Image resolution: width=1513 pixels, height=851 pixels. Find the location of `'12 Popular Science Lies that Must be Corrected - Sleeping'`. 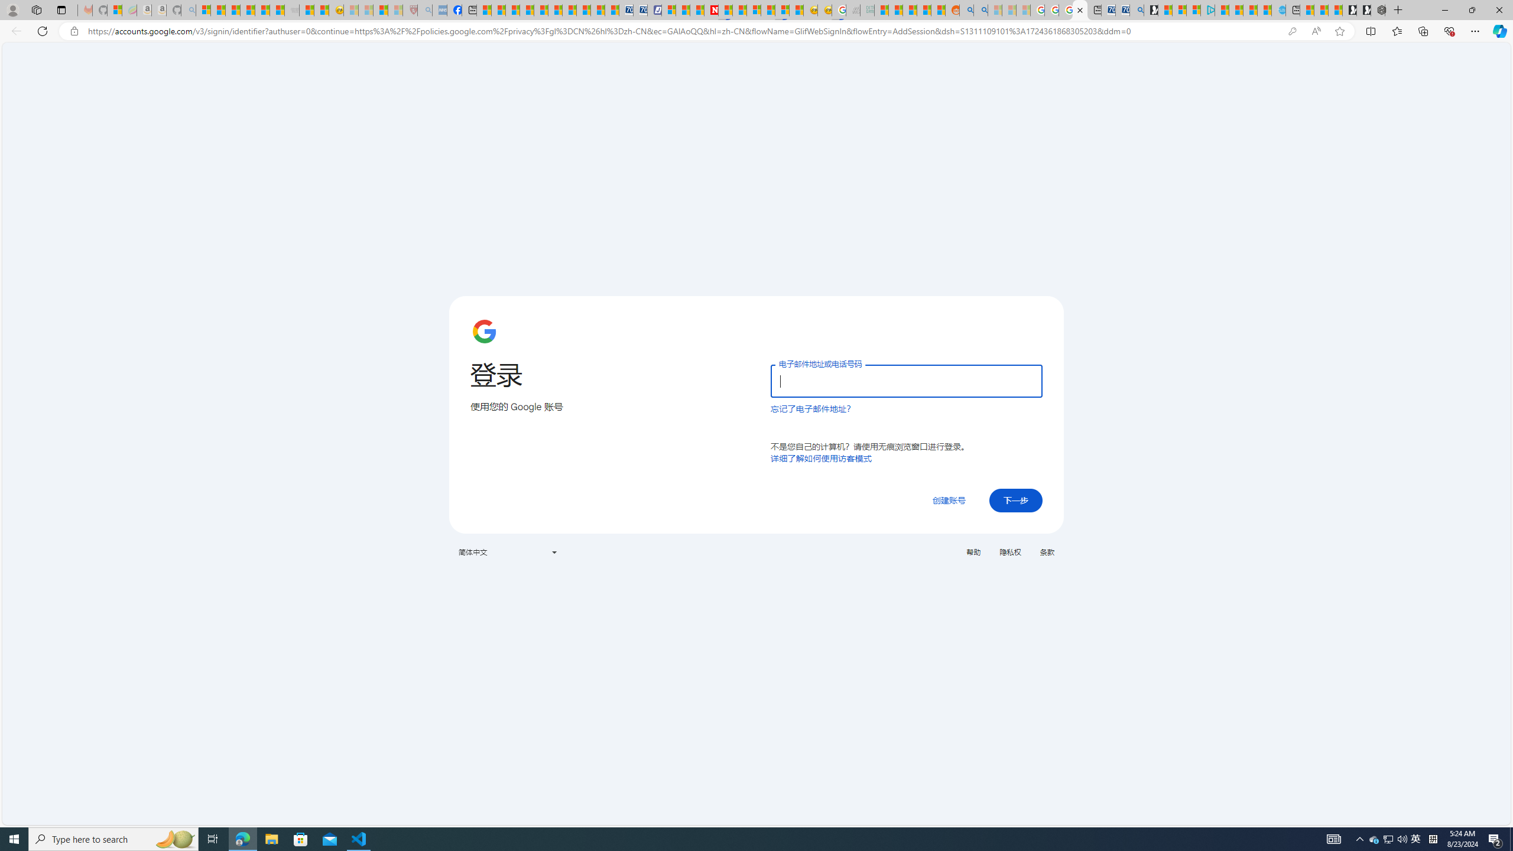

'12 Popular Science Lies that Must be Corrected - Sleeping' is located at coordinates (395, 9).